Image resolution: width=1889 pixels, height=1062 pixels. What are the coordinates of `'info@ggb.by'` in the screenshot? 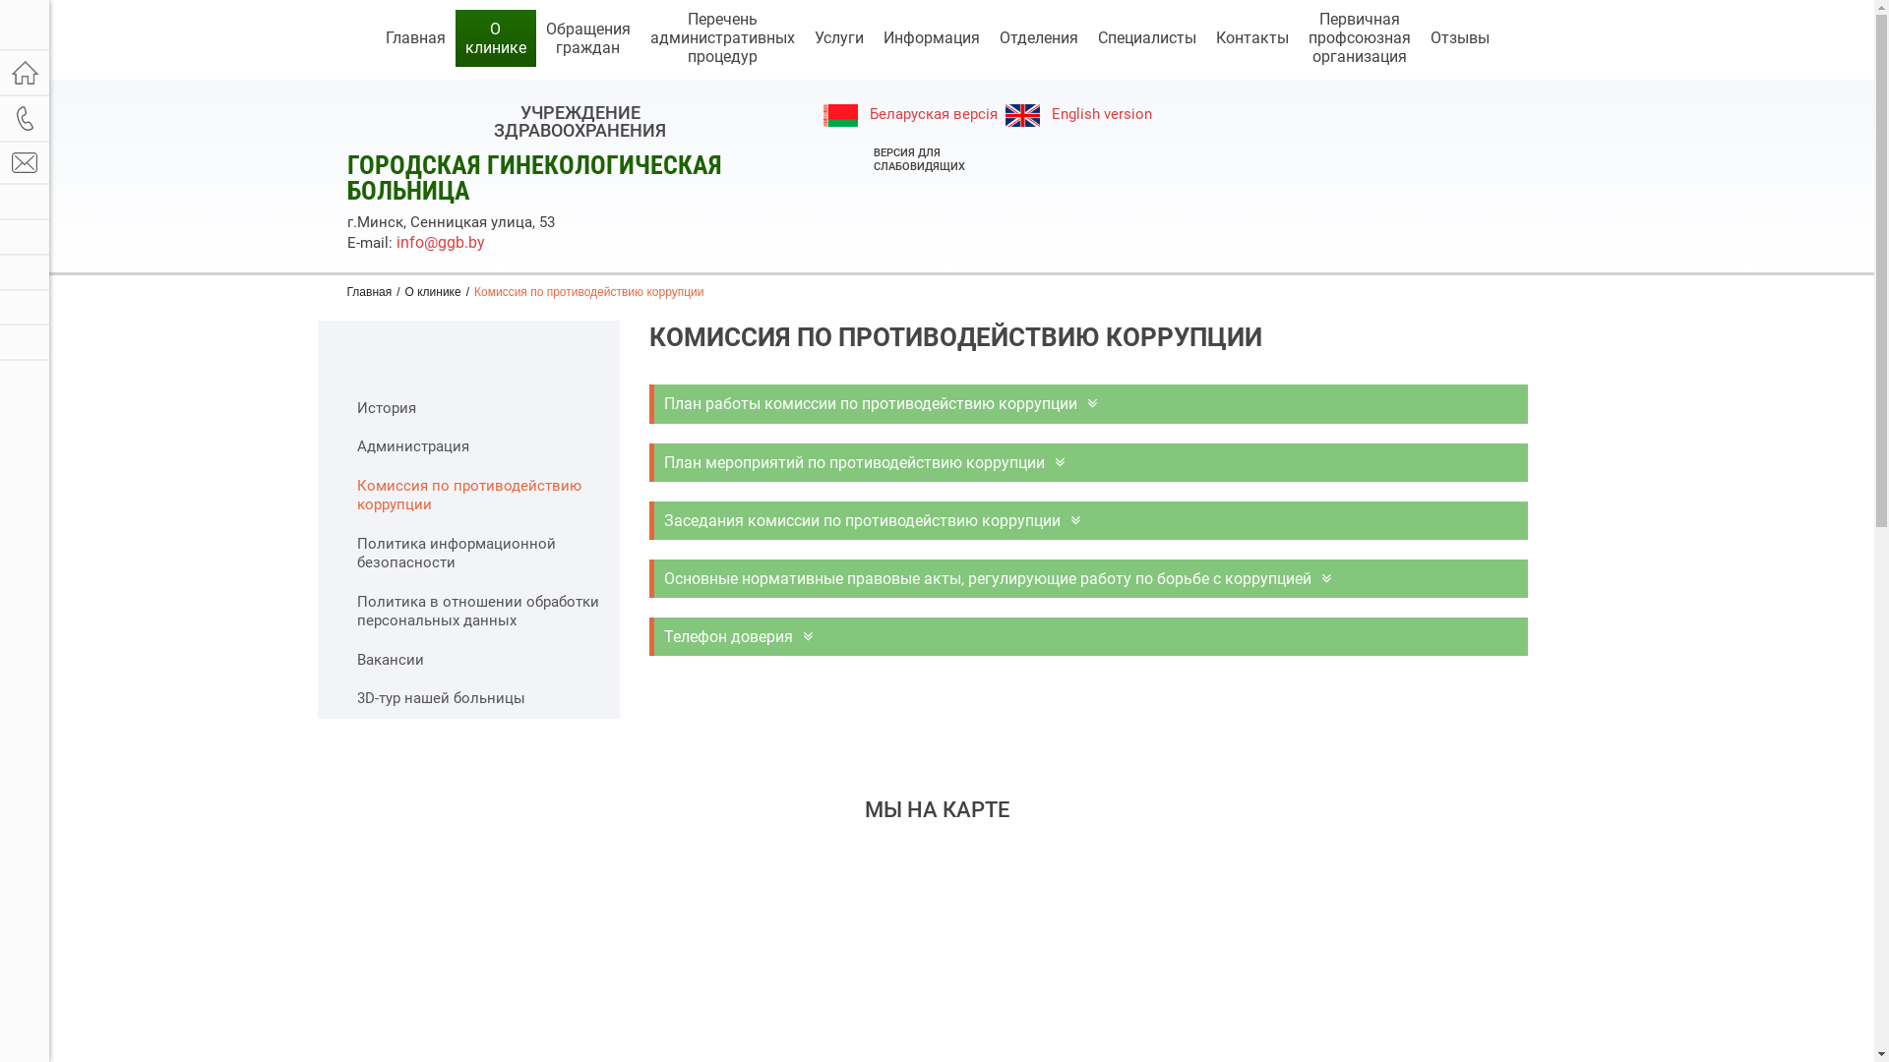 It's located at (438, 241).